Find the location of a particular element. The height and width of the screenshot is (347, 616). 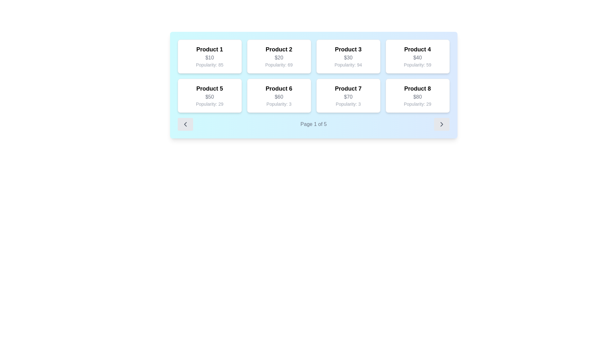

the static text label displaying the price of 'Product 3', which is positioned below the title and above the popularity information within the card is located at coordinates (348, 58).